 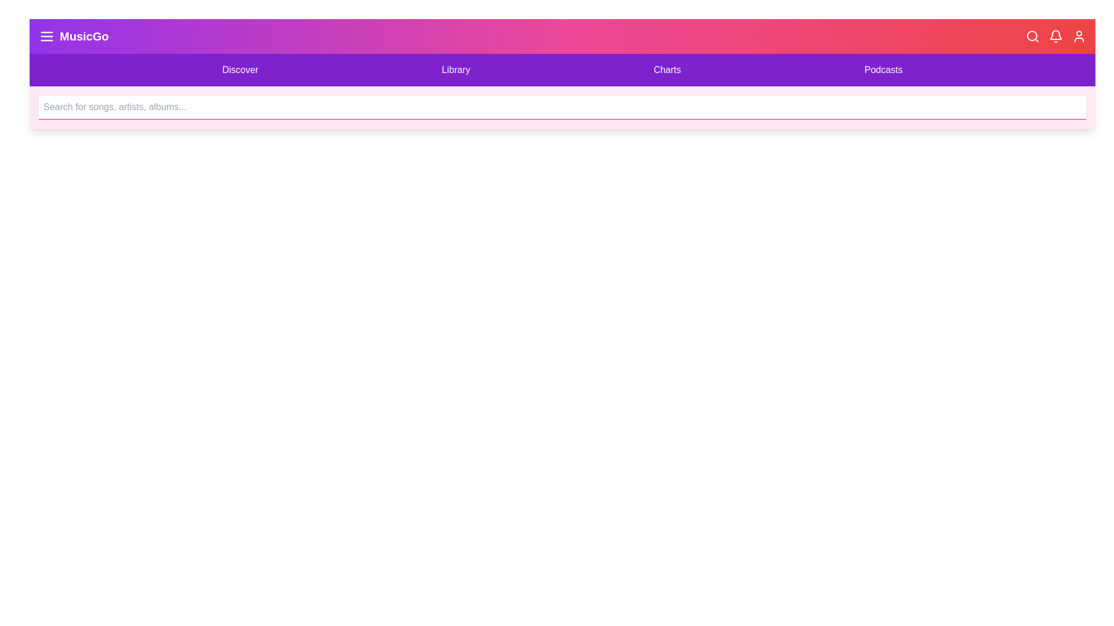 I want to click on the 'User' icon at the top-right corner to open the user profile or settings, so click(x=1079, y=35).